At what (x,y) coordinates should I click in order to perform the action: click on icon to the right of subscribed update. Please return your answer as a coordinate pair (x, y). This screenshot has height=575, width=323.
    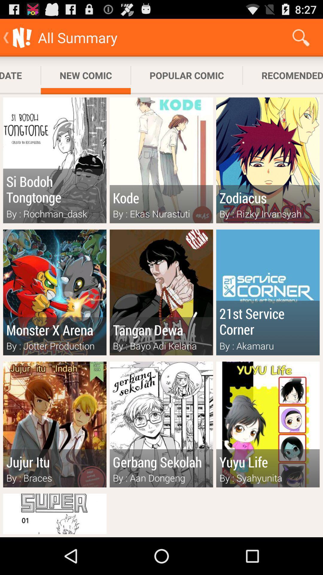
    Looking at the image, I should click on (86, 75).